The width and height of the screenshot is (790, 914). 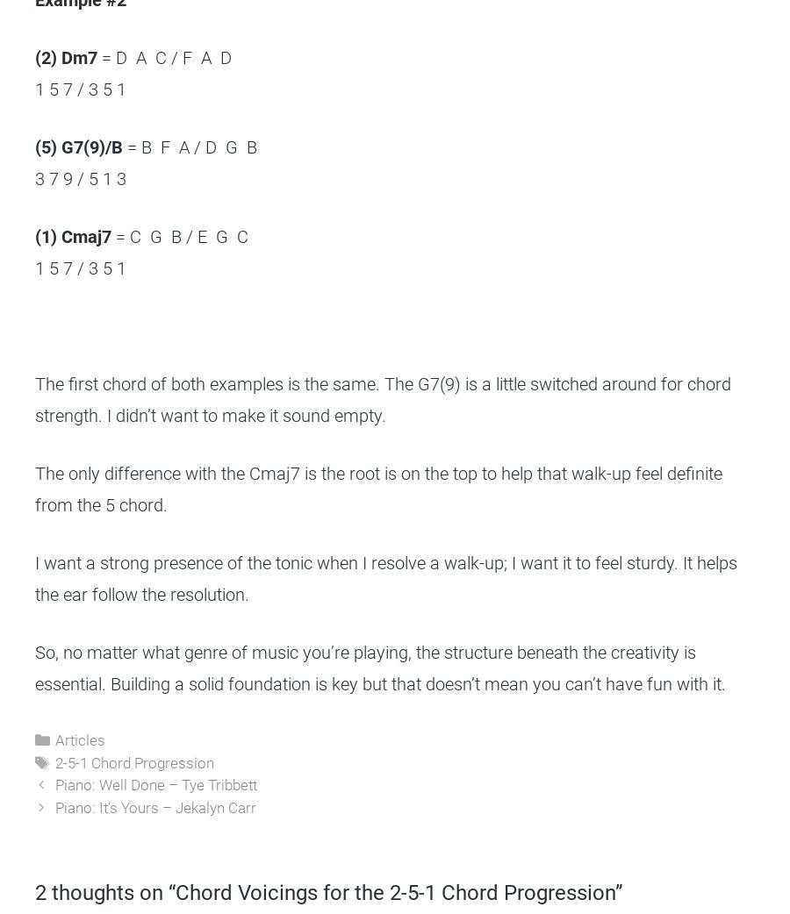 What do you see at coordinates (78, 146) in the screenshot?
I see `'(5) G7(9)/B'` at bounding box center [78, 146].